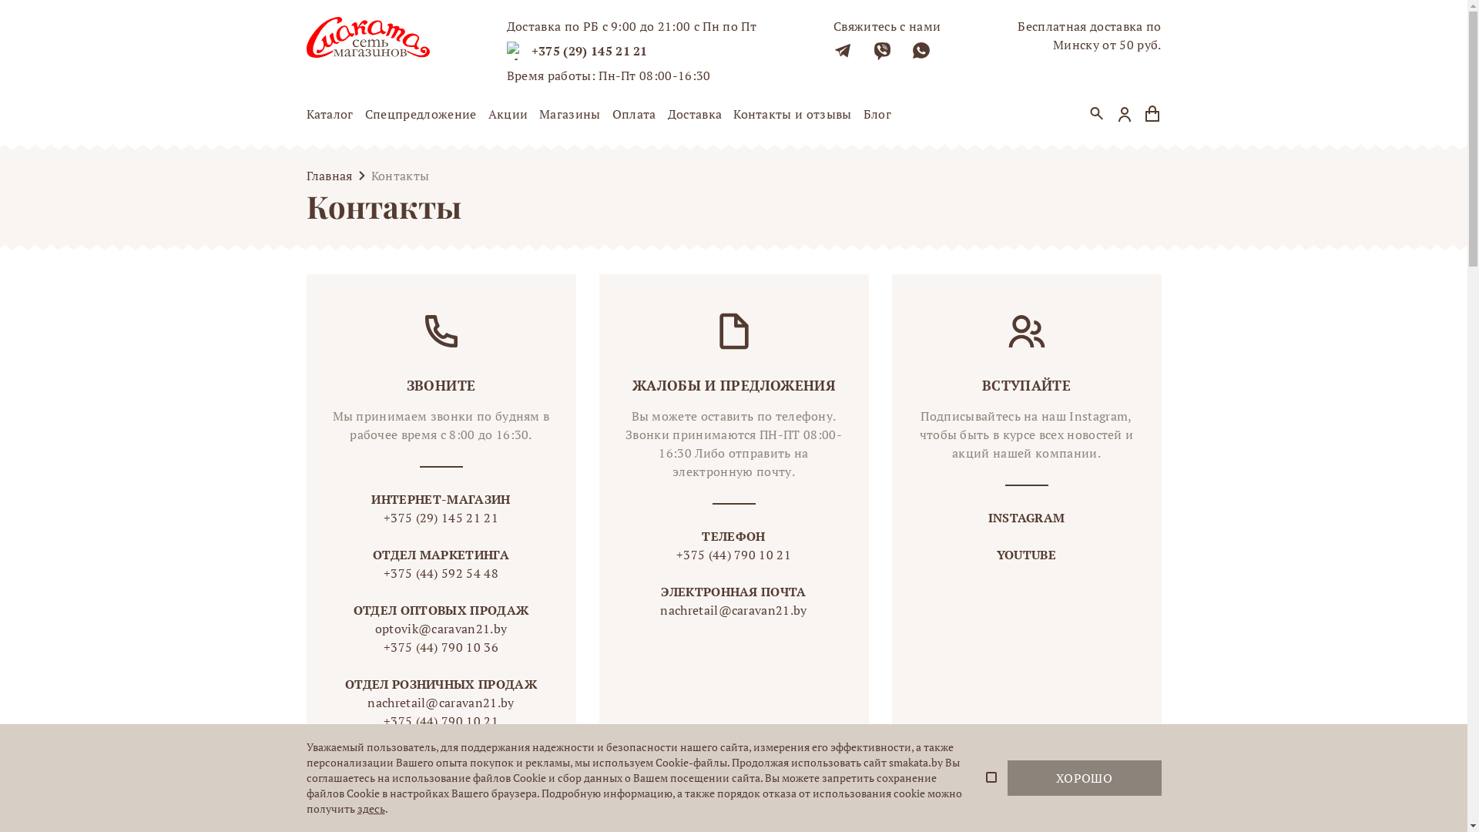 The height and width of the screenshot is (832, 1479). Describe the element at coordinates (1026, 555) in the screenshot. I see `'YOUTUBE'` at that location.